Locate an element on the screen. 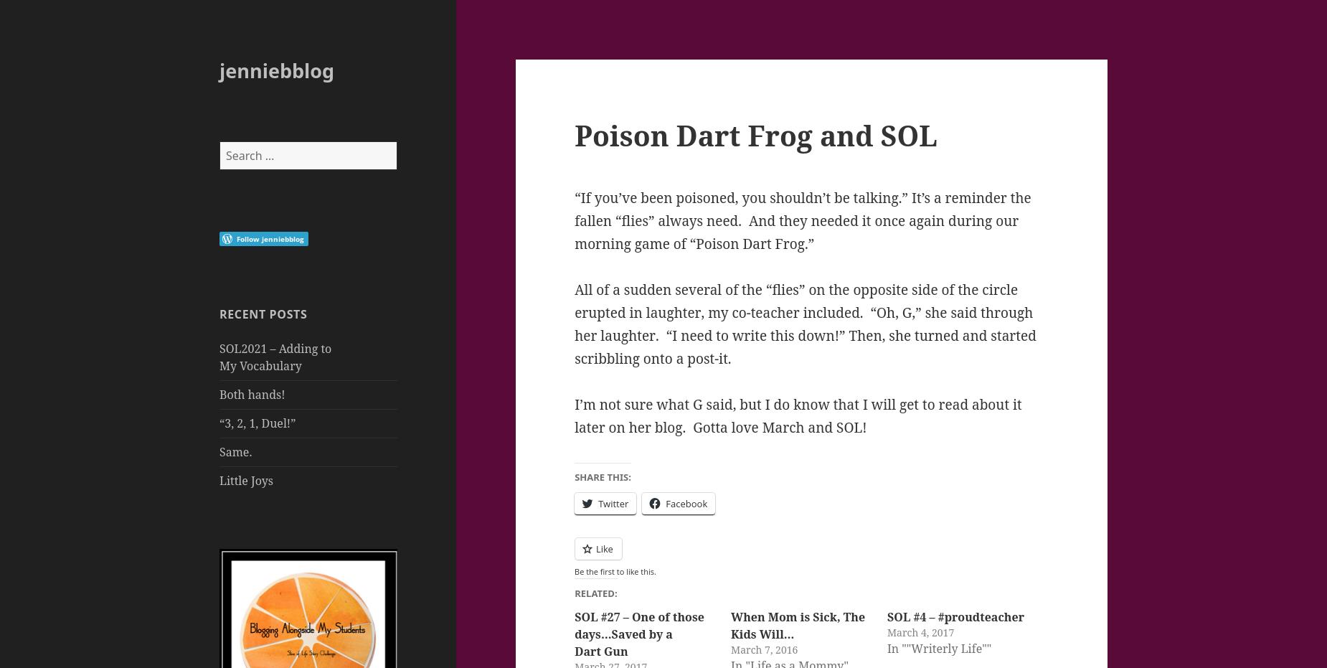 The image size is (1327, 668). 'All of a sudden several of the “flies” on the opposite side of the circle erupted in laughter, my co-teacher included.  “Oh, G,” she said through her laughter.  “I need to write this down!” Then, she turned and started scribbling onto a post-it.' is located at coordinates (804, 322).